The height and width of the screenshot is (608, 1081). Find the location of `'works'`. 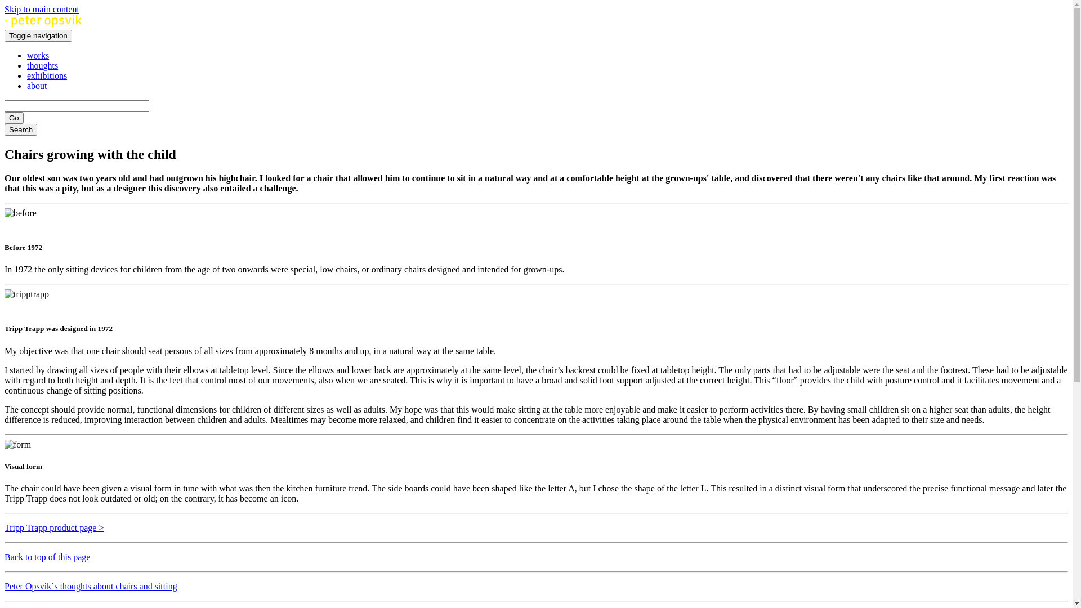

'works' is located at coordinates (38, 55).